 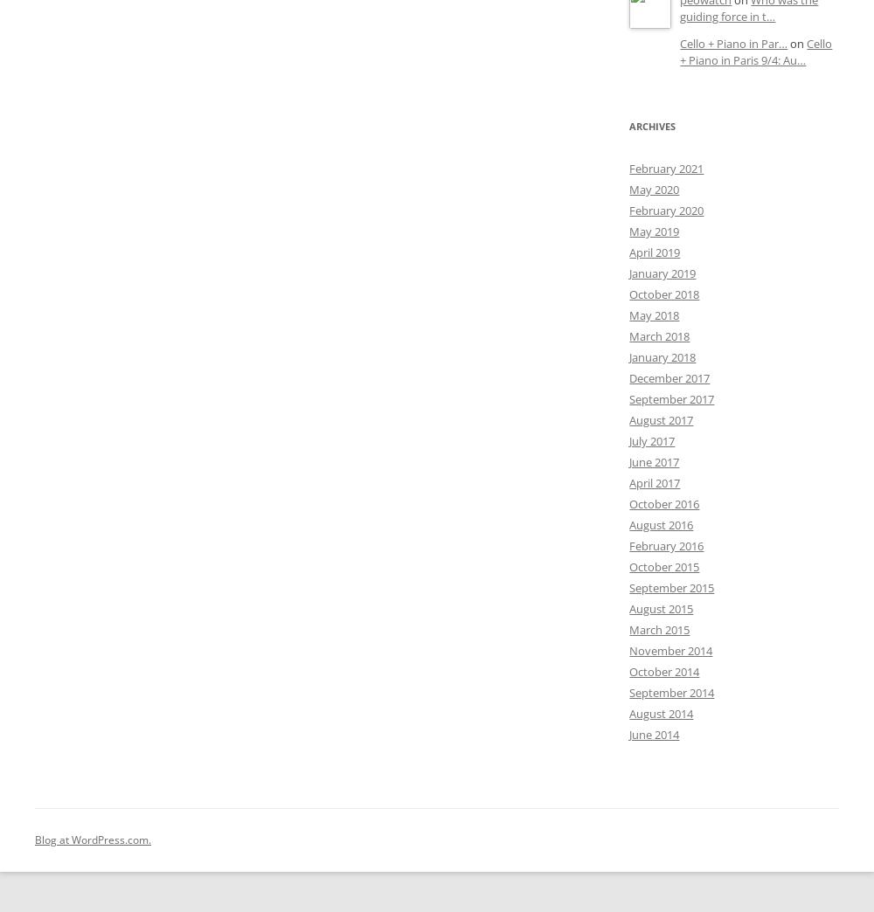 What do you see at coordinates (666, 546) in the screenshot?
I see `'February 2016'` at bounding box center [666, 546].